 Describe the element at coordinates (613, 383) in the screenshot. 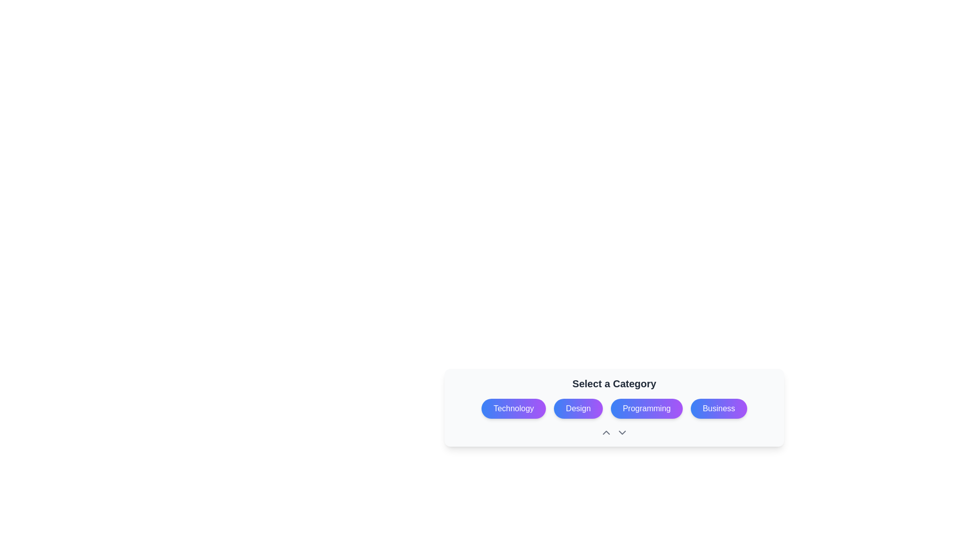

I see `the Text label or heading that indicates the purpose of the interactive elements, located above the buttons for 'Technology', 'Design', 'Programming', and 'Business'` at that location.